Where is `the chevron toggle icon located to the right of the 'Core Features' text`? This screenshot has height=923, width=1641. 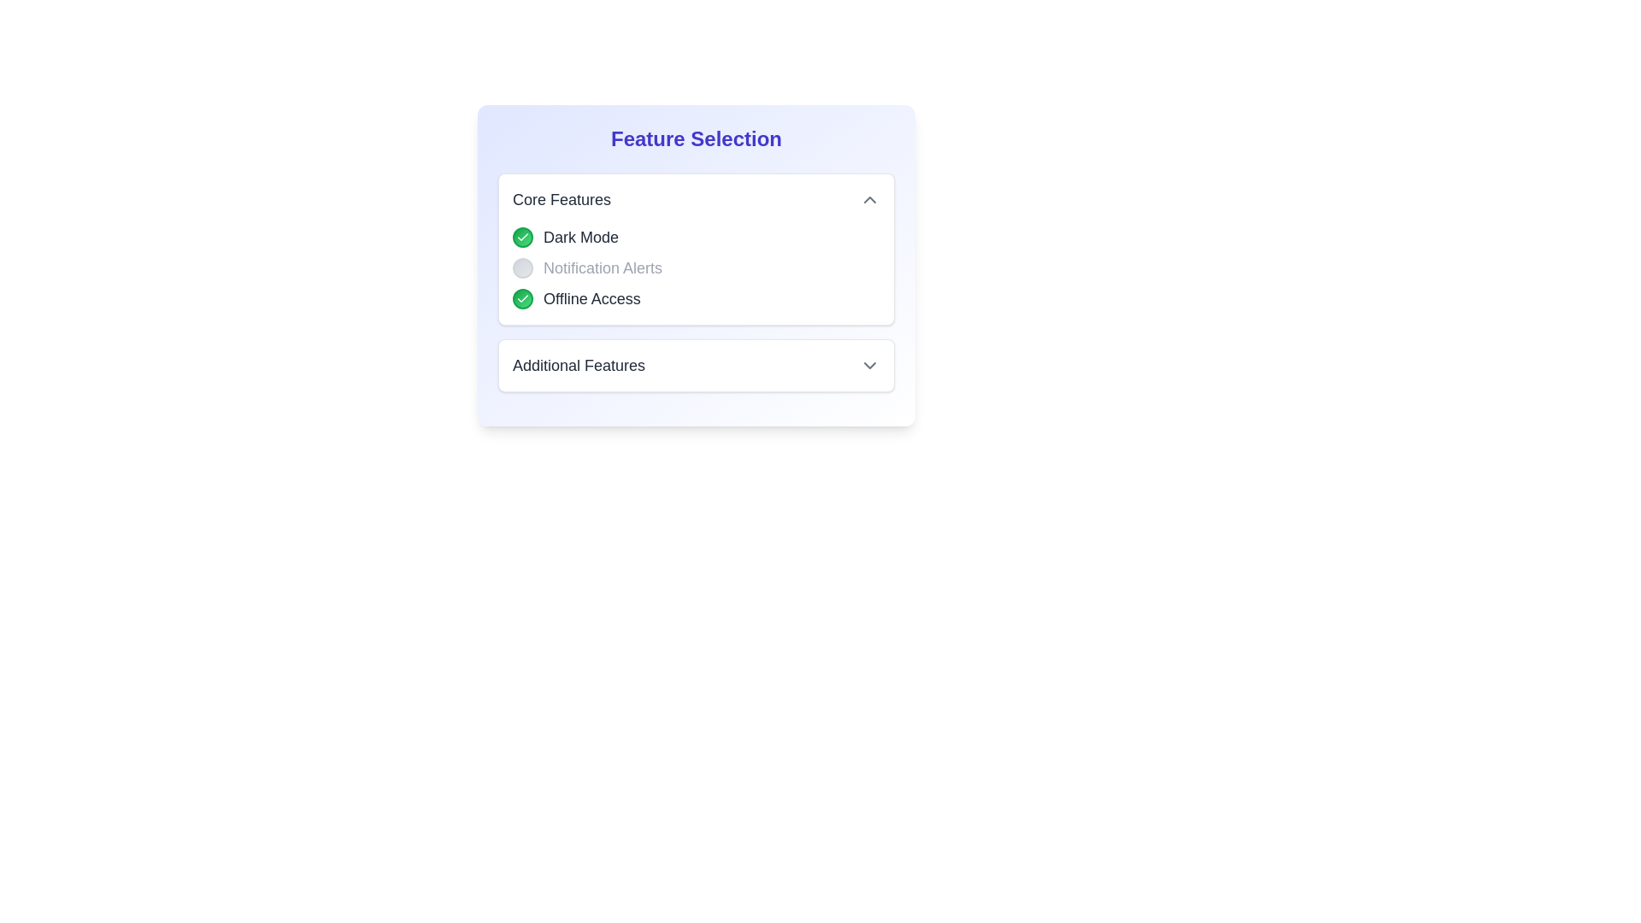 the chevron toggle icon located to the right of the 'Core Features' text is located at coordinates (869, 199).